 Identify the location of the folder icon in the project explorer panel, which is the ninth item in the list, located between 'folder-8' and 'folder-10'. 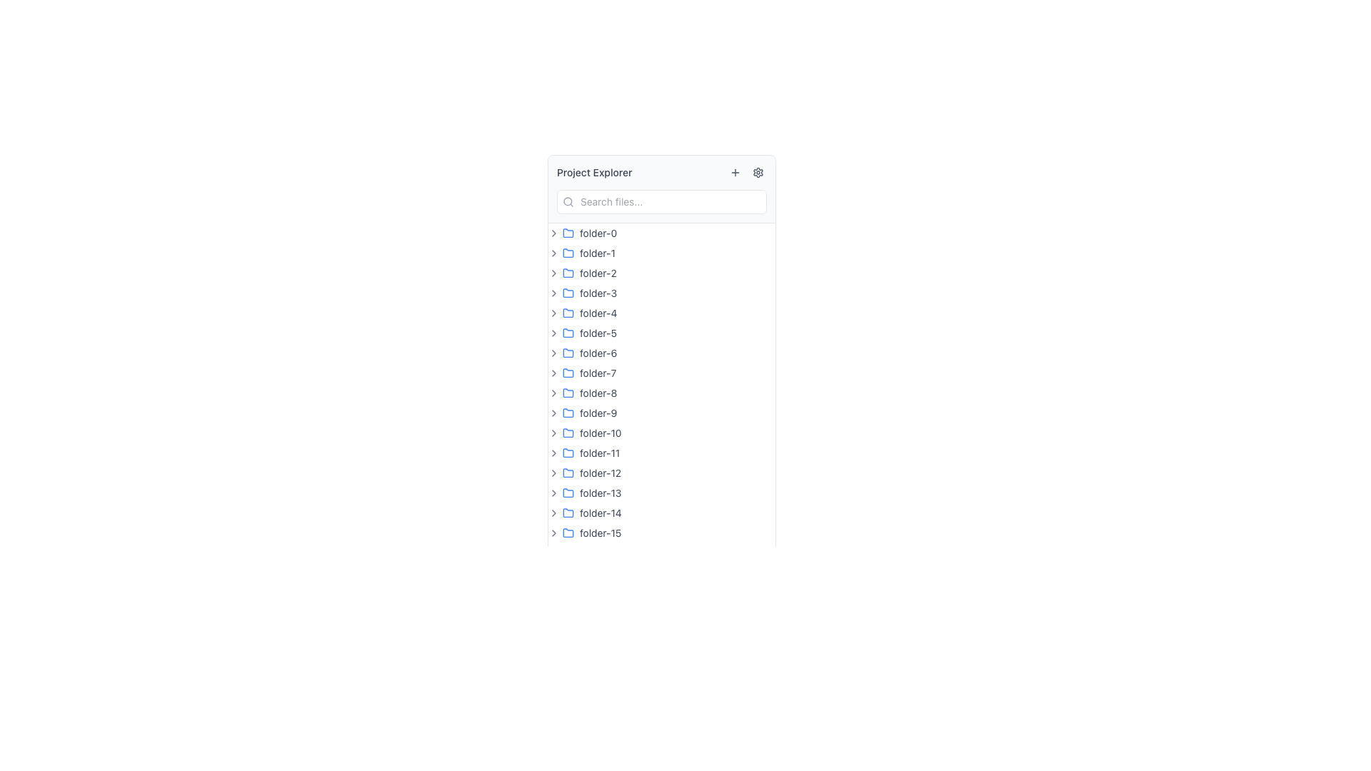
(568, 413).